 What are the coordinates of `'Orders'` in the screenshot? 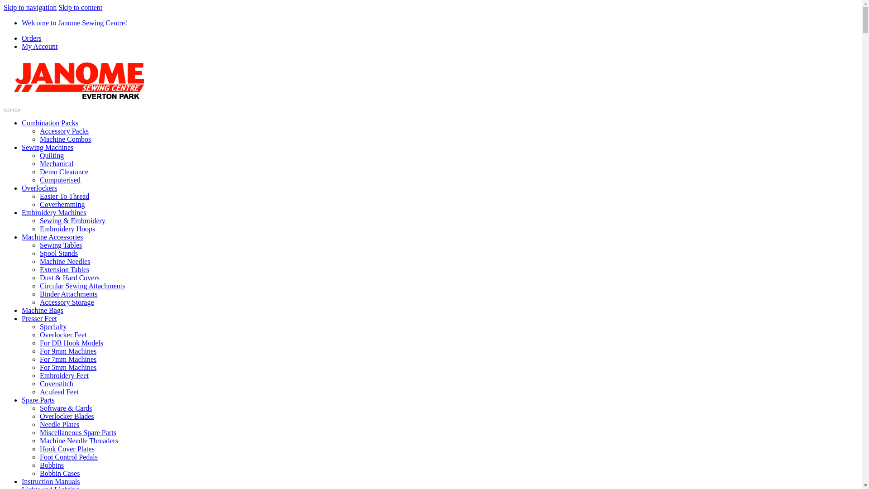 It's located at (32, 38).